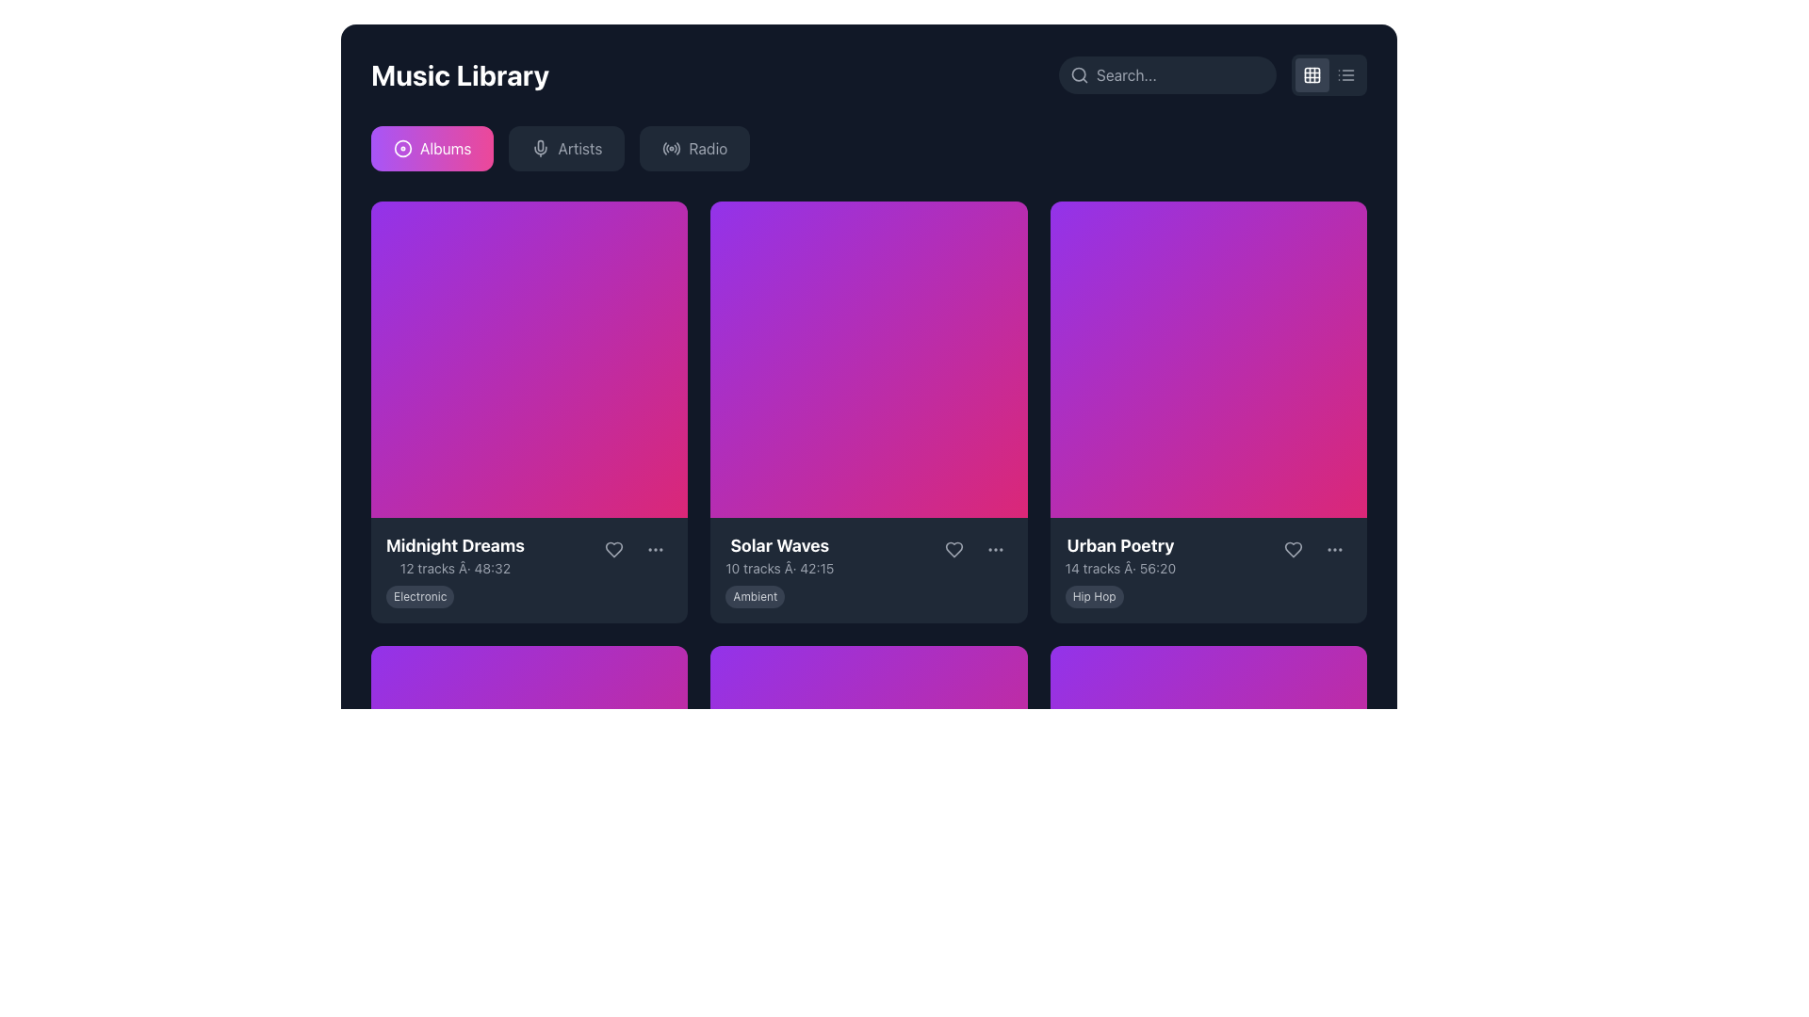 The image size is (1809, 1017). What do you see at coordinates (1208, 360) in the screenshot?
I see `the decorative graphic or album cover placeholder located in the third card from the left in the top row of the music library grid` at bounding box center [1208, 360].